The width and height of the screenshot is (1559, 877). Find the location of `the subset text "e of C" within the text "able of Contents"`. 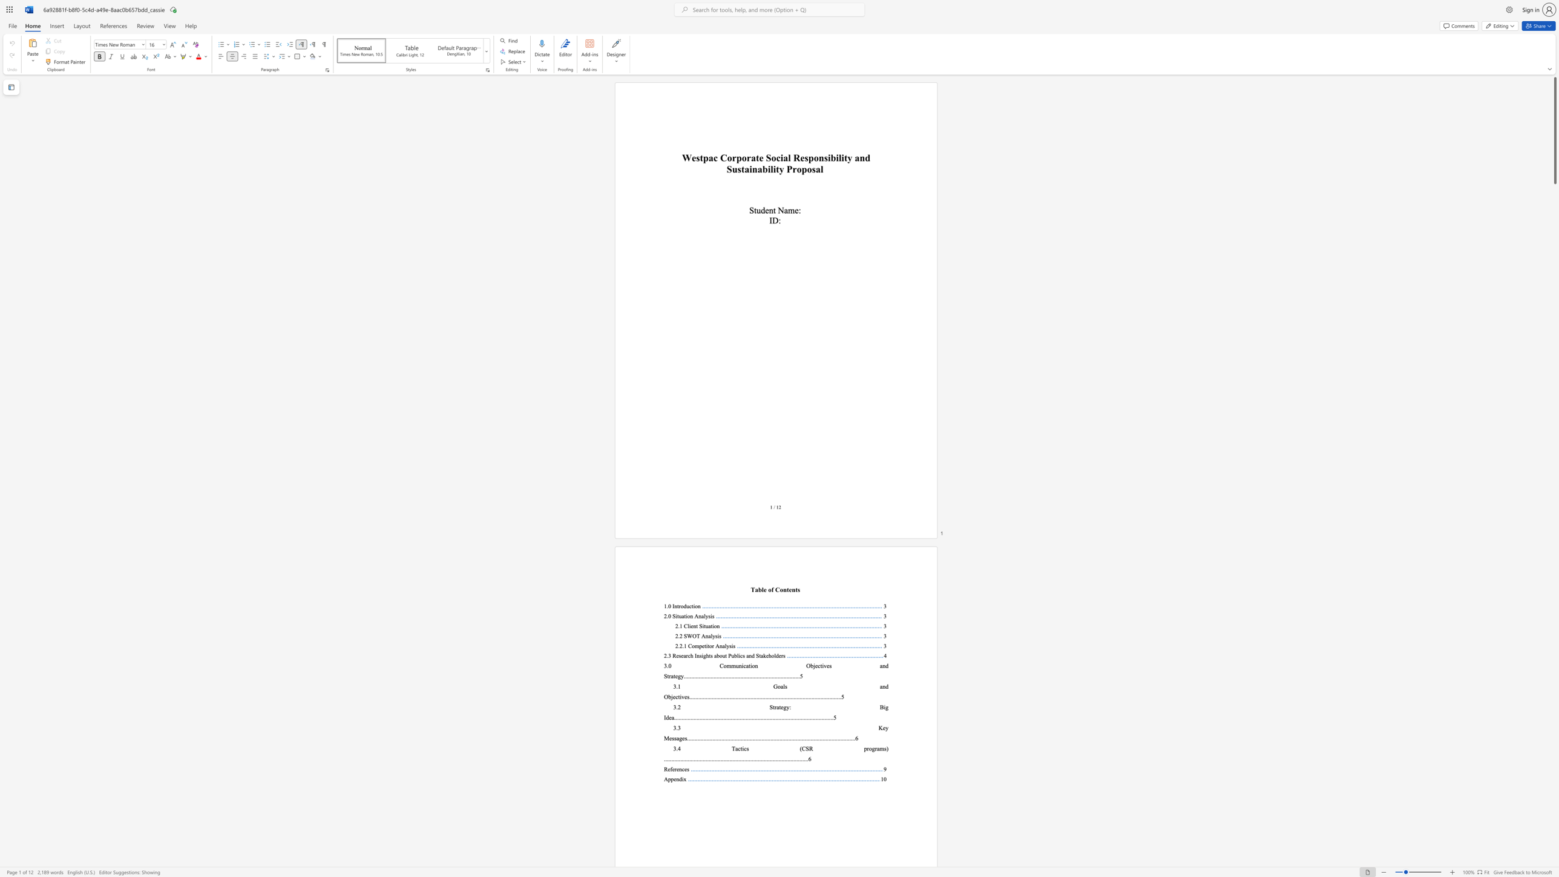

the subset text "e of C" within the text "able of Contents" is located at coordinates (763, 590).